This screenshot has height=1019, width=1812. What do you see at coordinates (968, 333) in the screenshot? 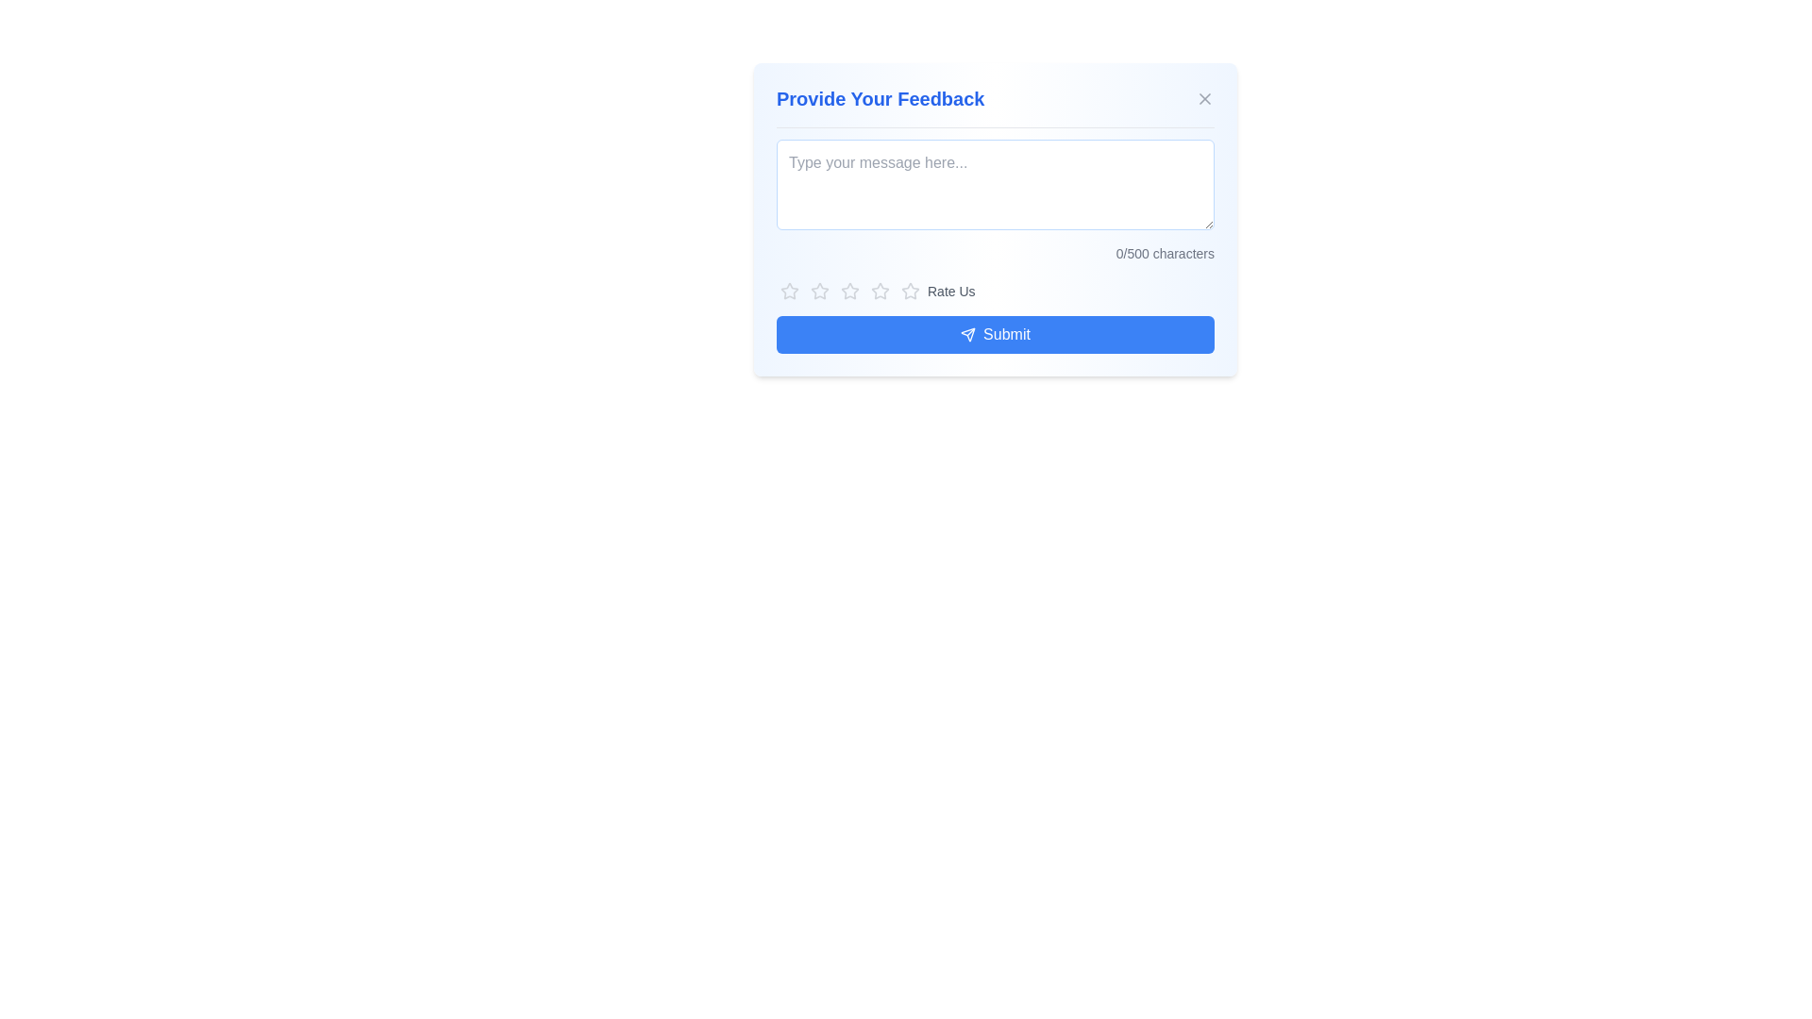
I see `the icon embedded within the 'Submit' button, located at the right-hand side of the button, which visually indicates the function of submitting data` at bounding box center [968, 333].